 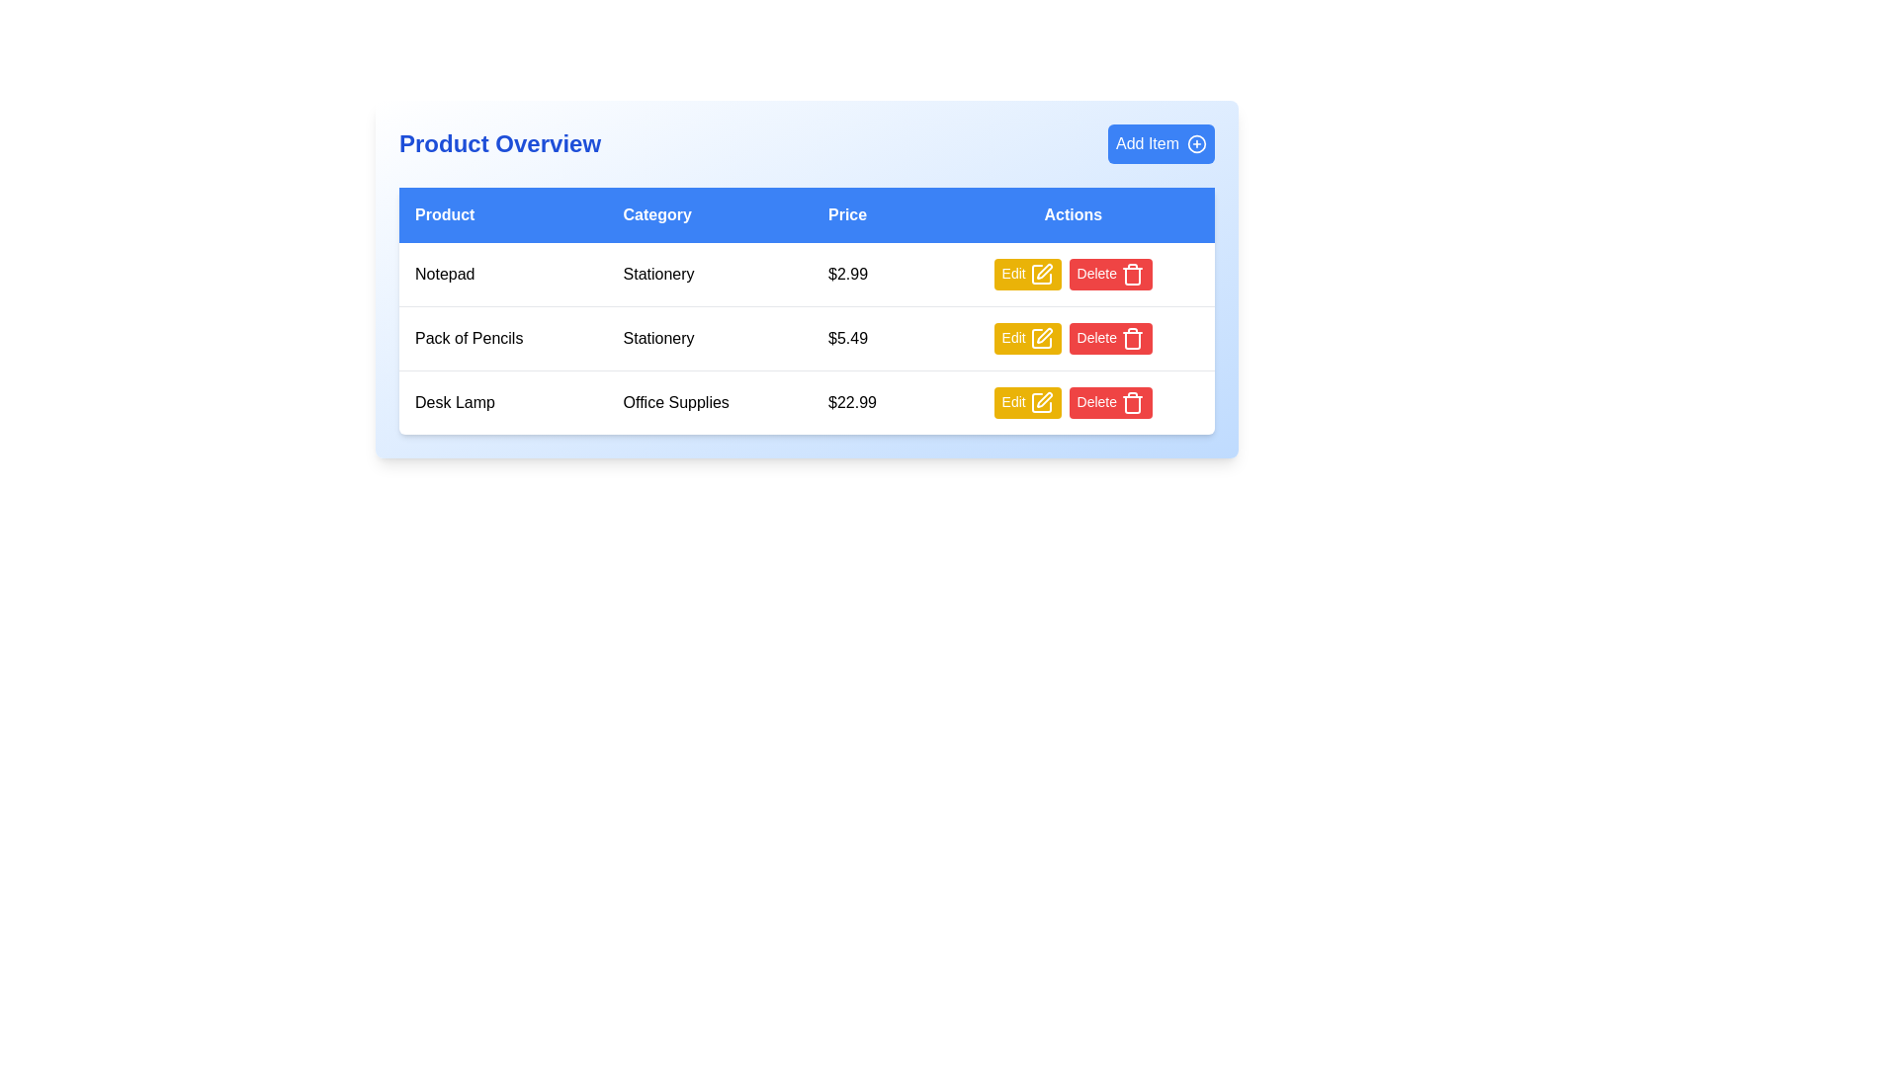 I want to click on the 'Delete' button in the 'Actions' column of the second row for the item labeled 'Pack of Pencils', so click(x=1072, y=338).